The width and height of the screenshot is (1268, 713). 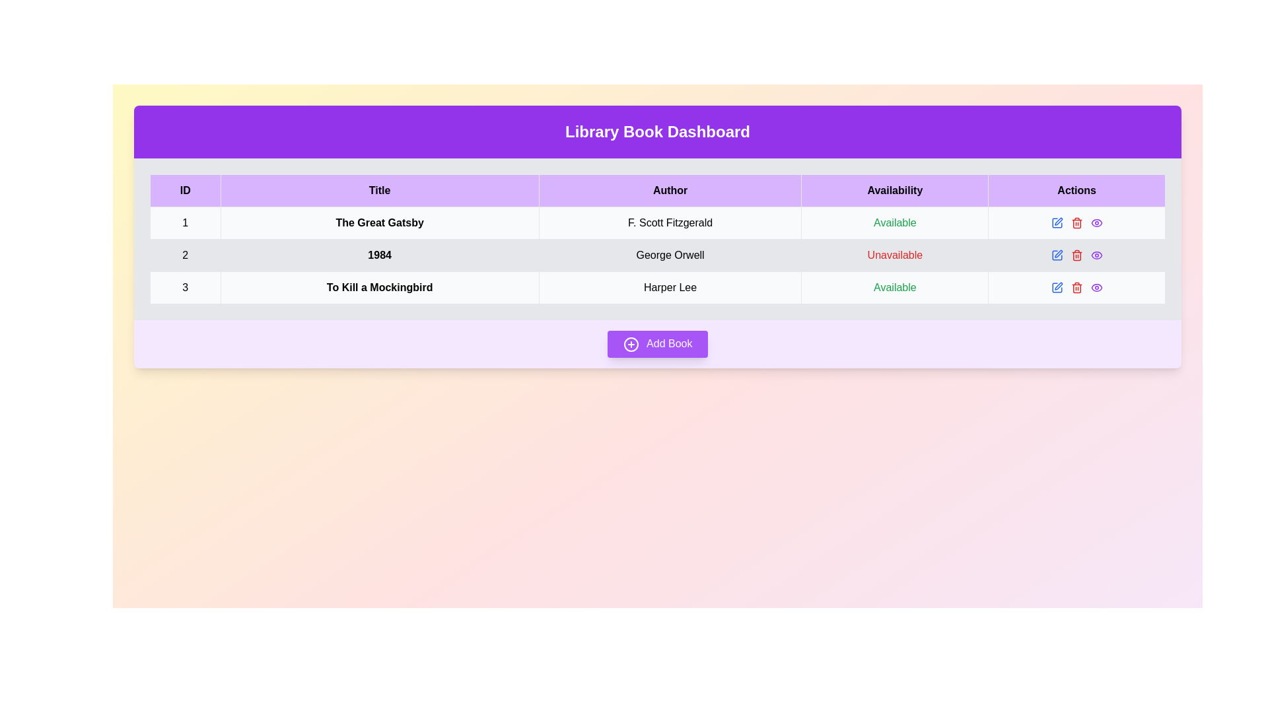 I want to click on the text label displaying 'To Kill a Mockingbird' in the 'Title' column of the table, positioned in the second cell of the third row, so click(x=379, y=287).